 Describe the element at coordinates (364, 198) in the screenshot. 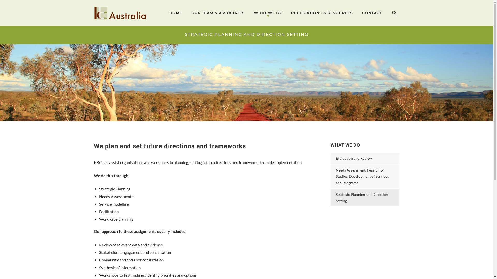

I see `'Strategic Planning and Direction Setting'` at that location.